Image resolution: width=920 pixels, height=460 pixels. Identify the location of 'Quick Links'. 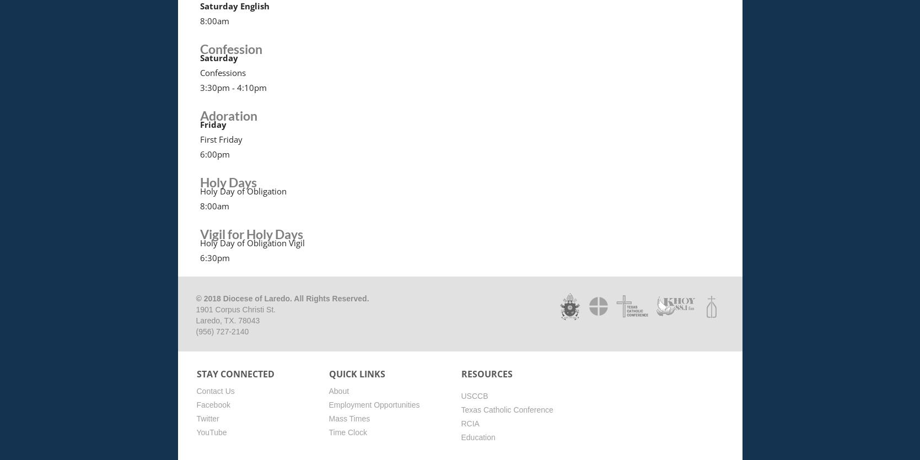
(327, 374).